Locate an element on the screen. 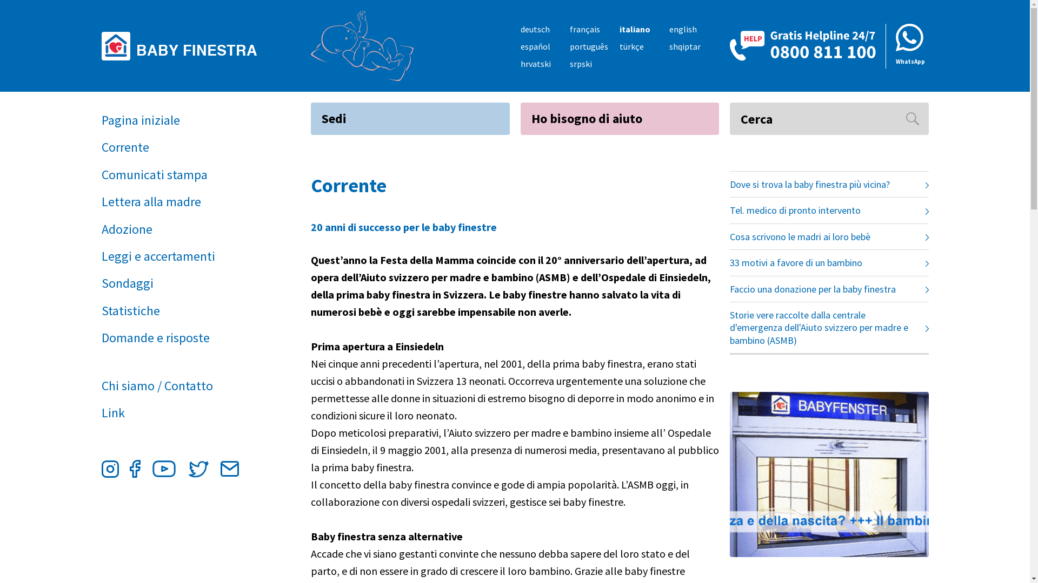 This screenshot has width=1038, height=583. 'Faccio una donazione per la baby finestra' is located at coordinates (829, 288).